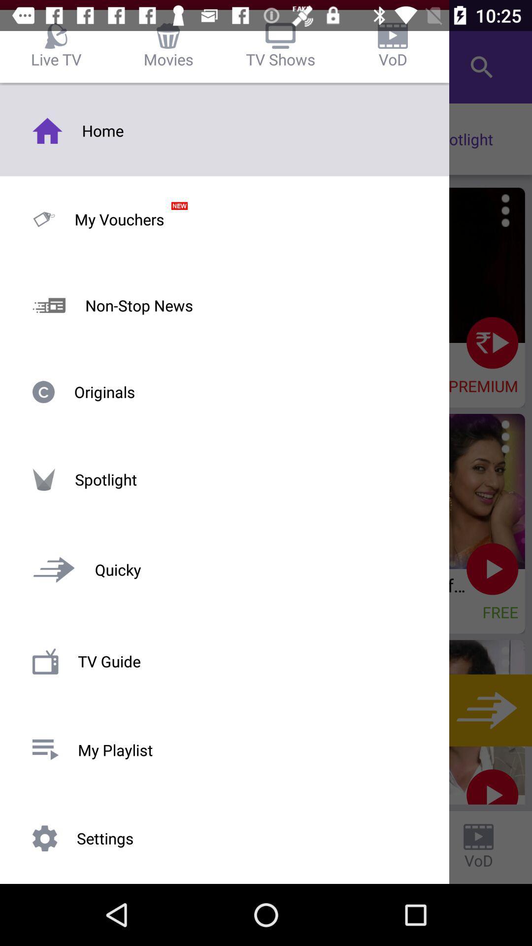 Image resolution: width=532 pixels, height=946 pixels. What do you see at coordinates (484, 710) in the screenshot?
I see `the arrow_forward icon` at bounding box center [484, 710].